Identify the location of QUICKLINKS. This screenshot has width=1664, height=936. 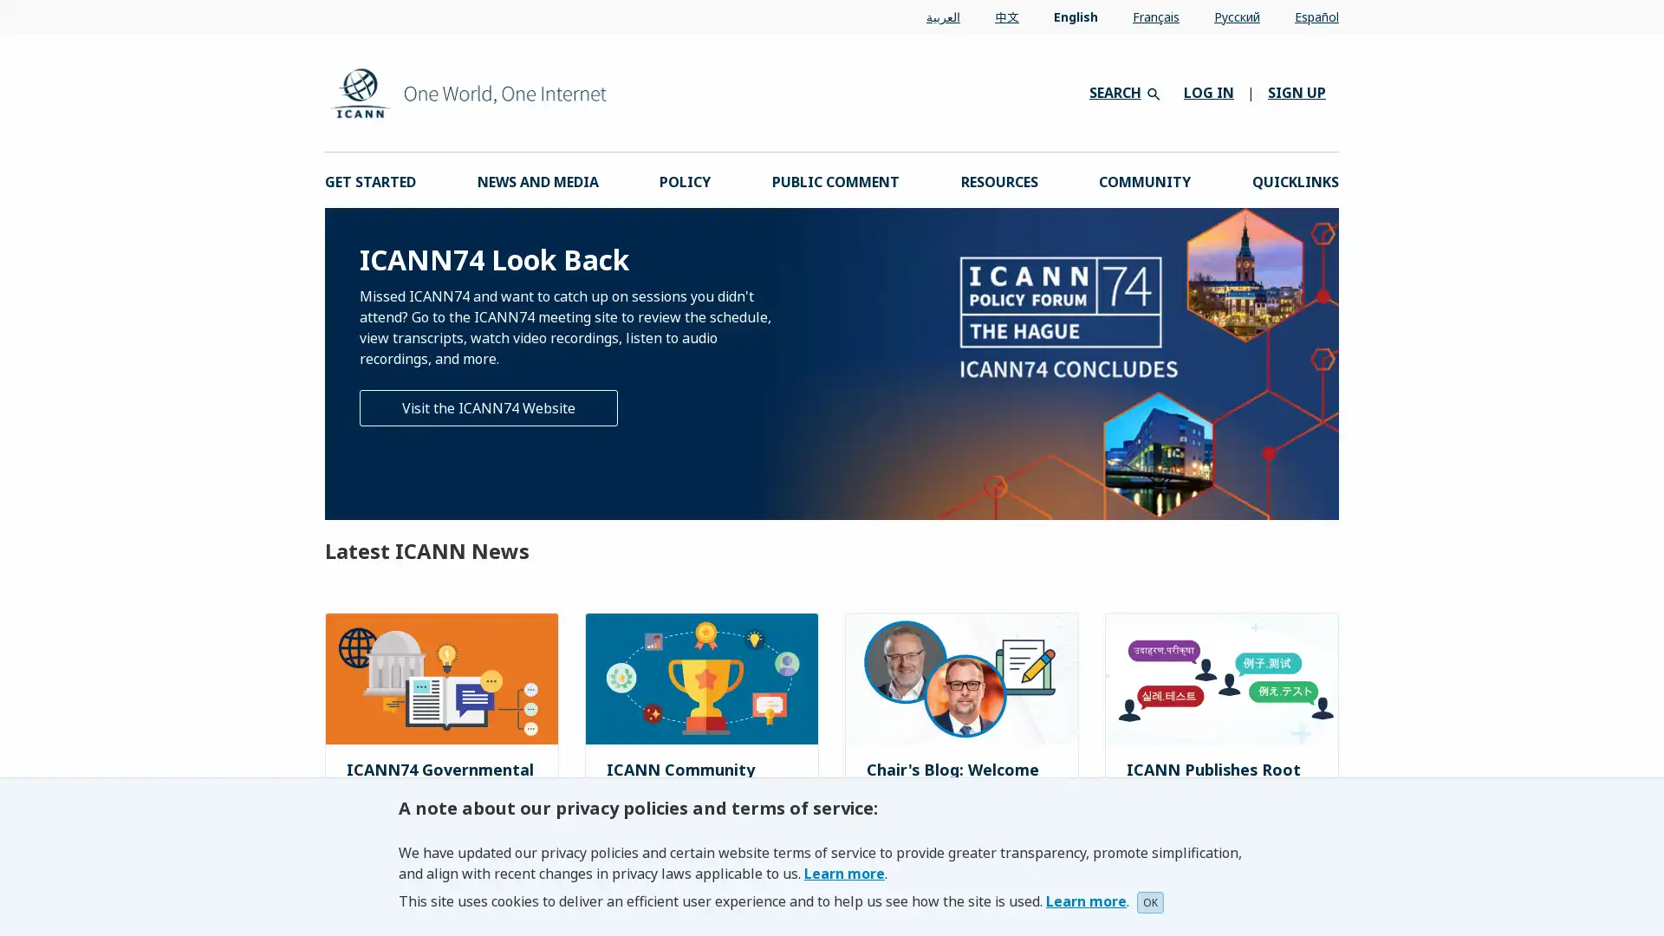
(1294, 180).